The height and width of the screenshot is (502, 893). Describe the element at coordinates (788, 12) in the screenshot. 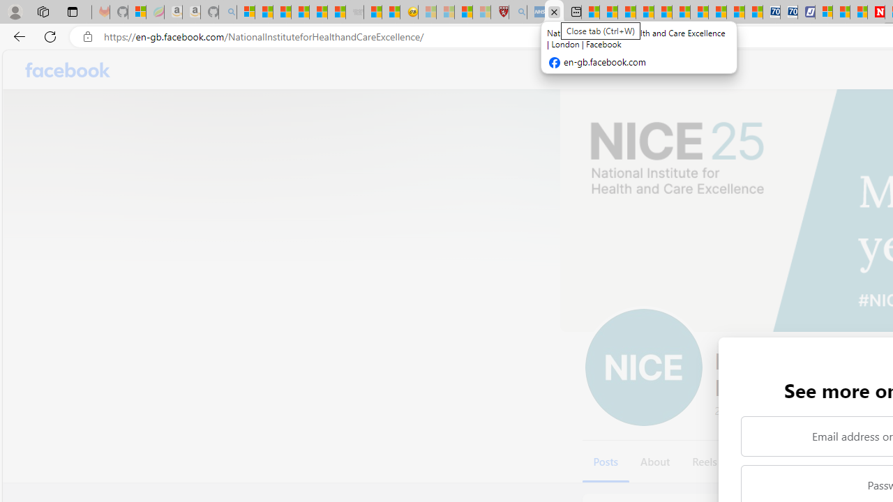

I see `'Cheap Hotels - Save70.com'` at that location.